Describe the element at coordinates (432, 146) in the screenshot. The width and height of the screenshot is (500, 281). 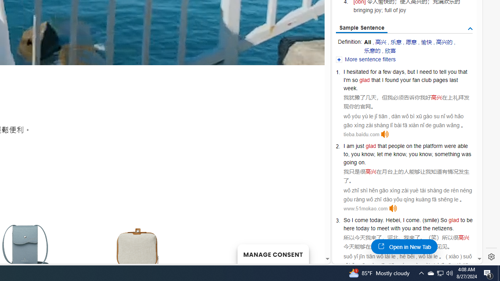
I see `'platform'` at that location.